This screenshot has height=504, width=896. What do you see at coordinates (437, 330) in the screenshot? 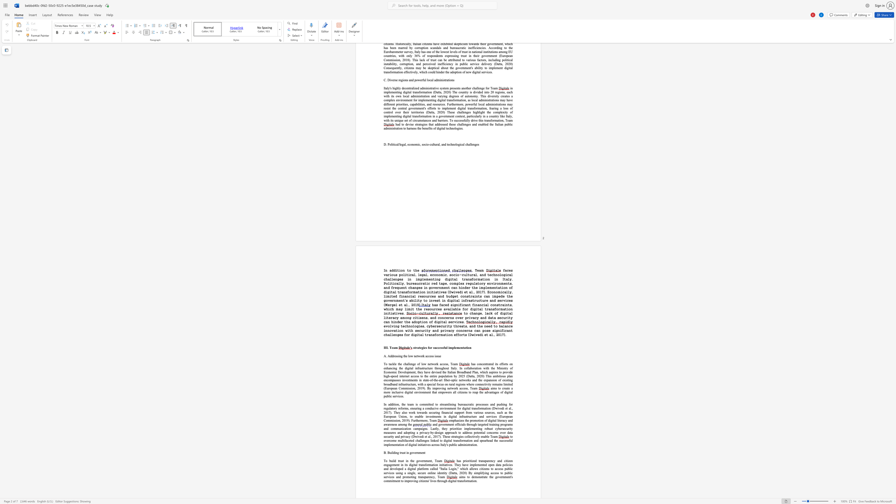
I see `the 3th character "d" in the text` at bounding box center [437, 330].